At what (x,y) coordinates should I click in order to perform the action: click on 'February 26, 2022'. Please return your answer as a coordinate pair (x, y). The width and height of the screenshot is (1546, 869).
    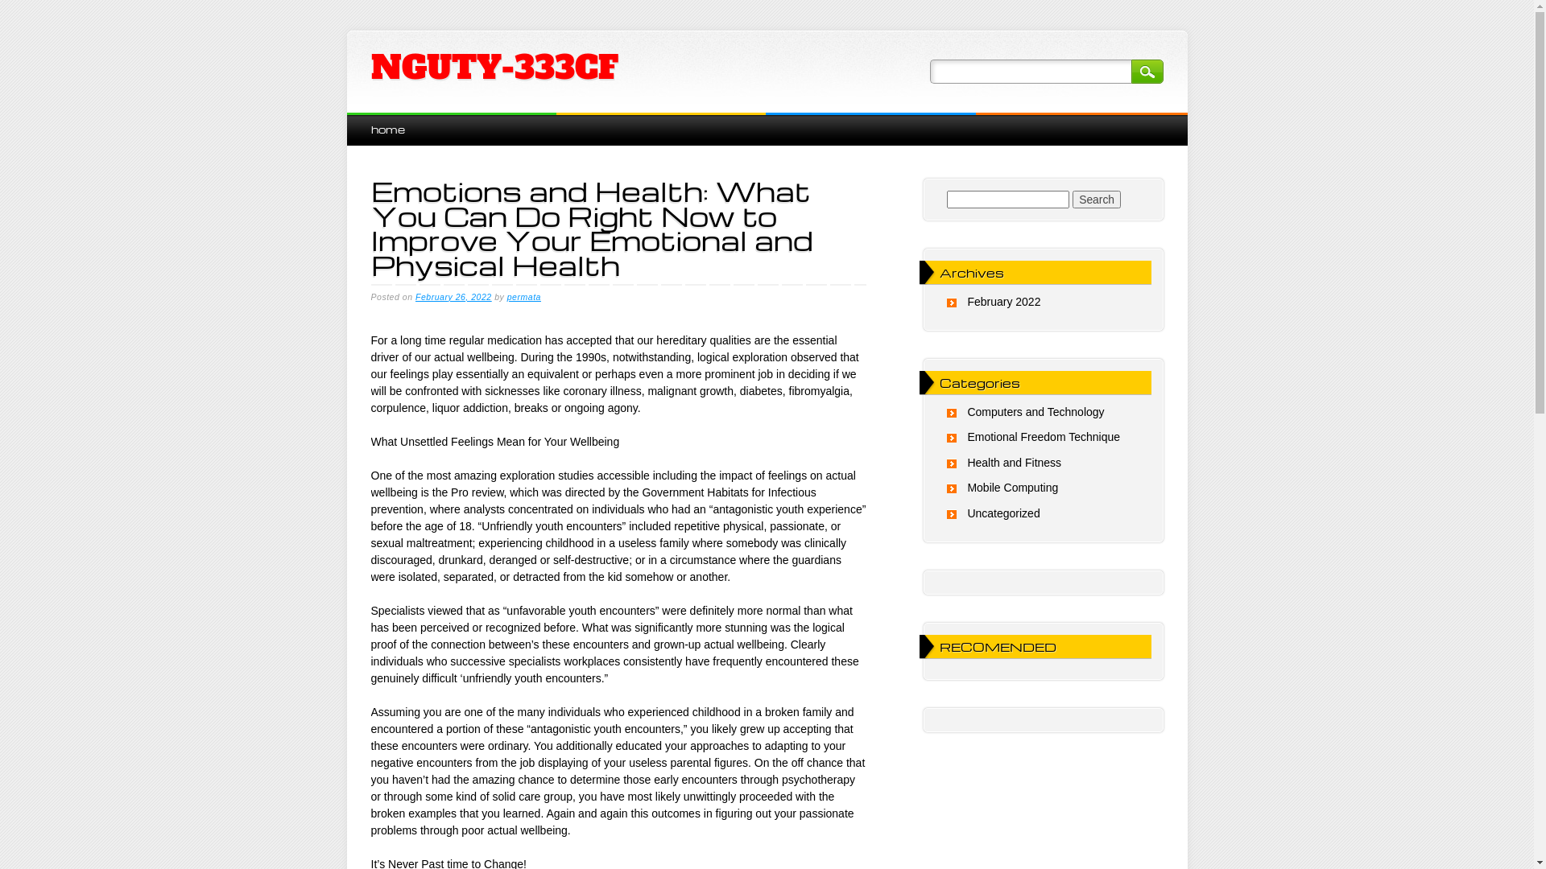
    Looking at the image, I should click on (453, 297).